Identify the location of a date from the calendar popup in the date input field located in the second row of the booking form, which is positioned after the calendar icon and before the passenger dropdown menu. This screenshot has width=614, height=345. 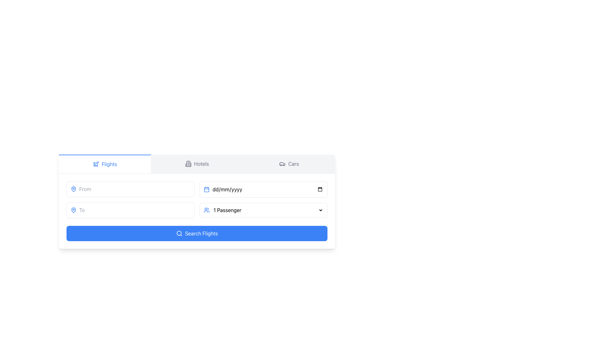
(267, 189).